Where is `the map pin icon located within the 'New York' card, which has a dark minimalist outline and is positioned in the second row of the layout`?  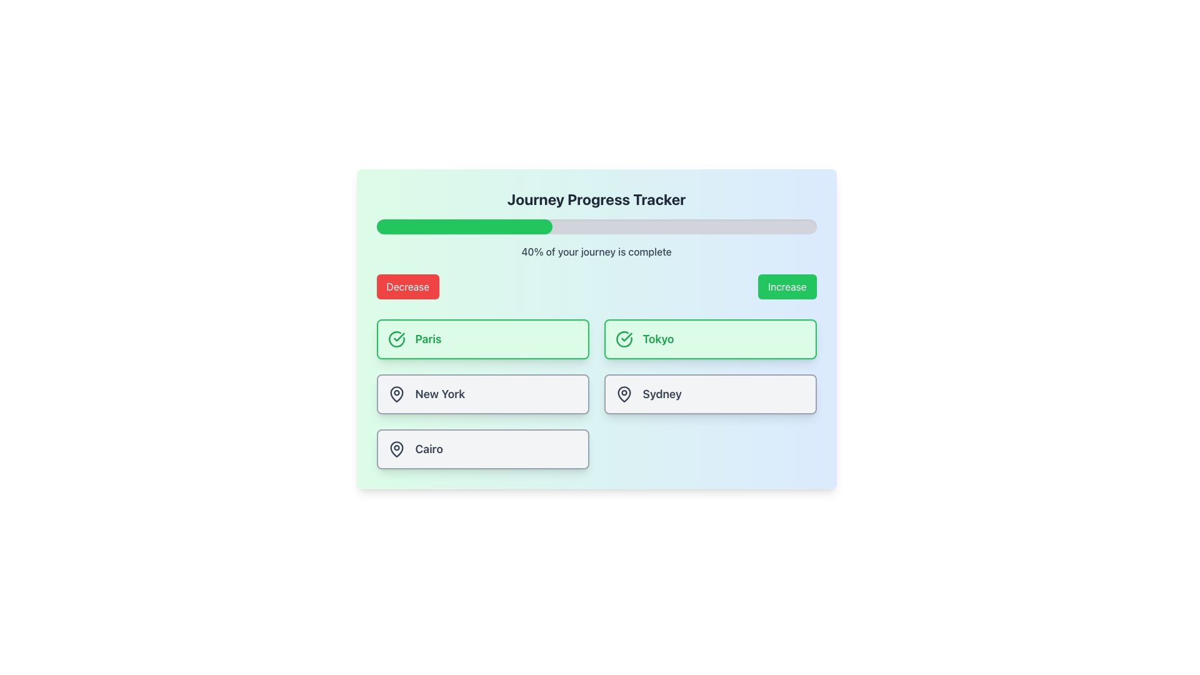 the map pin icon located within the 'New York' card, which has a dark minimalist outline and is positioned in the second row of the layout is located at coordinates (396, 394).